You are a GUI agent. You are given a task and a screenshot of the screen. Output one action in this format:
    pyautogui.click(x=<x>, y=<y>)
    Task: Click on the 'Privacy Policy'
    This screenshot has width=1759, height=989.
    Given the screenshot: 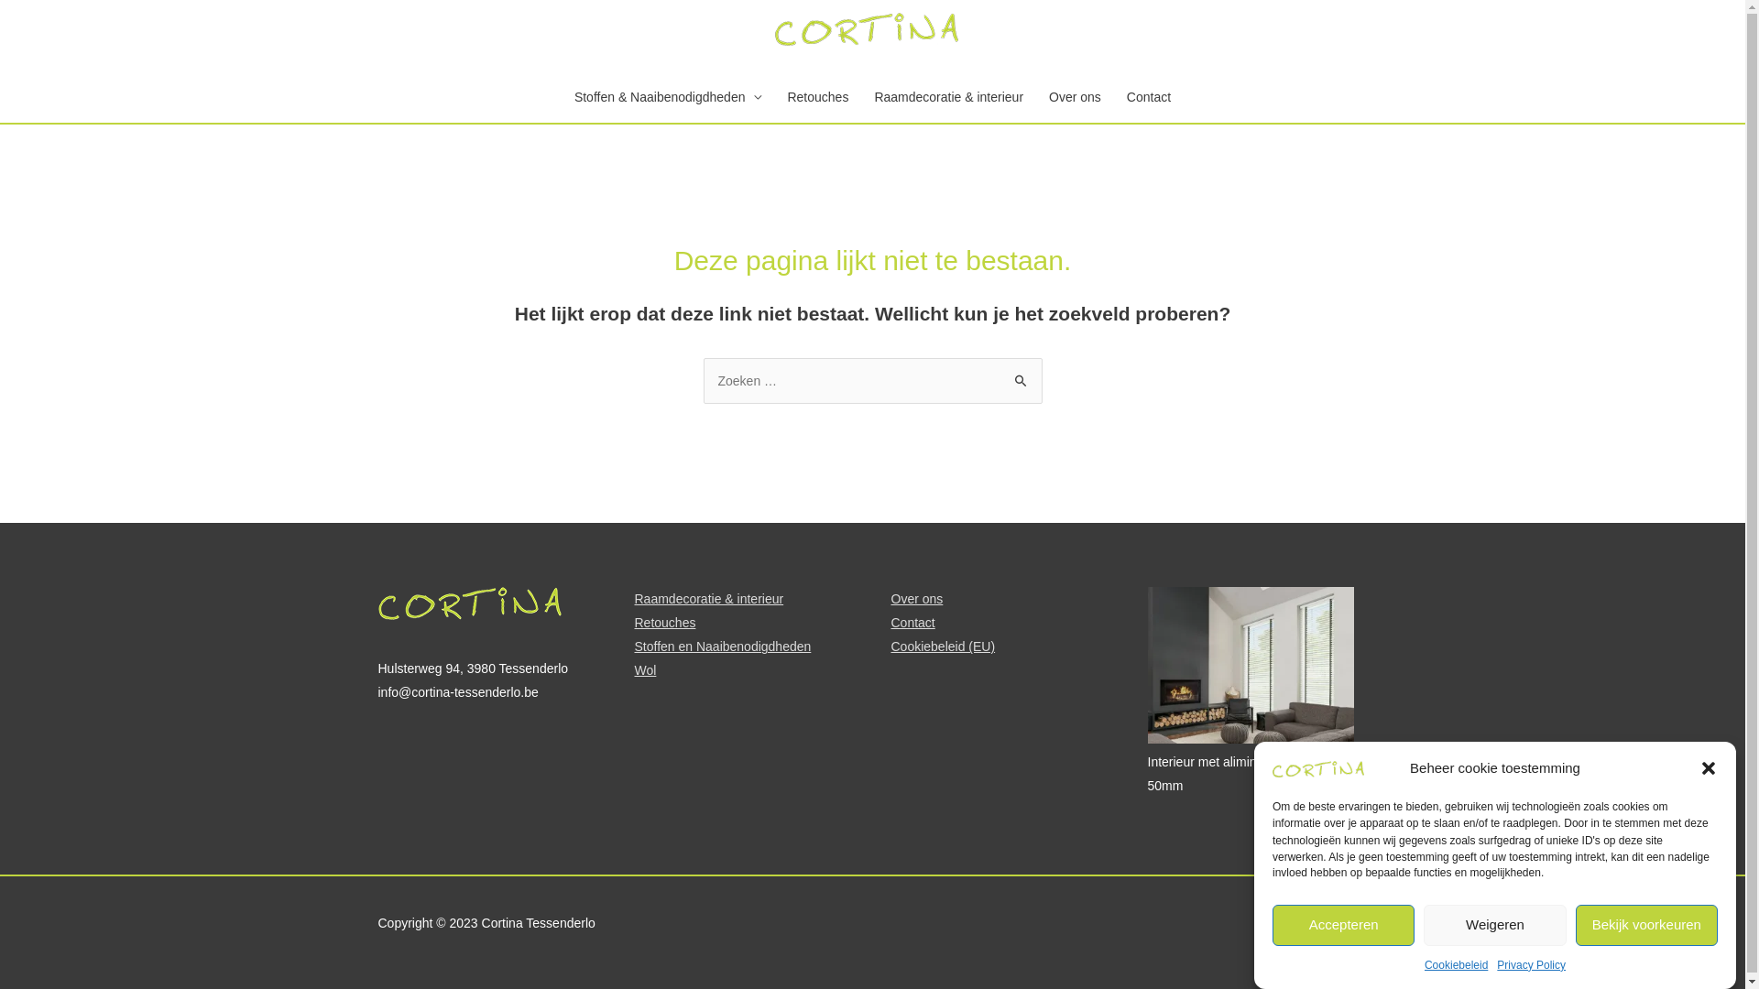 What is the action you would take?
    pyautogui.click(x=1496, y=963)
    